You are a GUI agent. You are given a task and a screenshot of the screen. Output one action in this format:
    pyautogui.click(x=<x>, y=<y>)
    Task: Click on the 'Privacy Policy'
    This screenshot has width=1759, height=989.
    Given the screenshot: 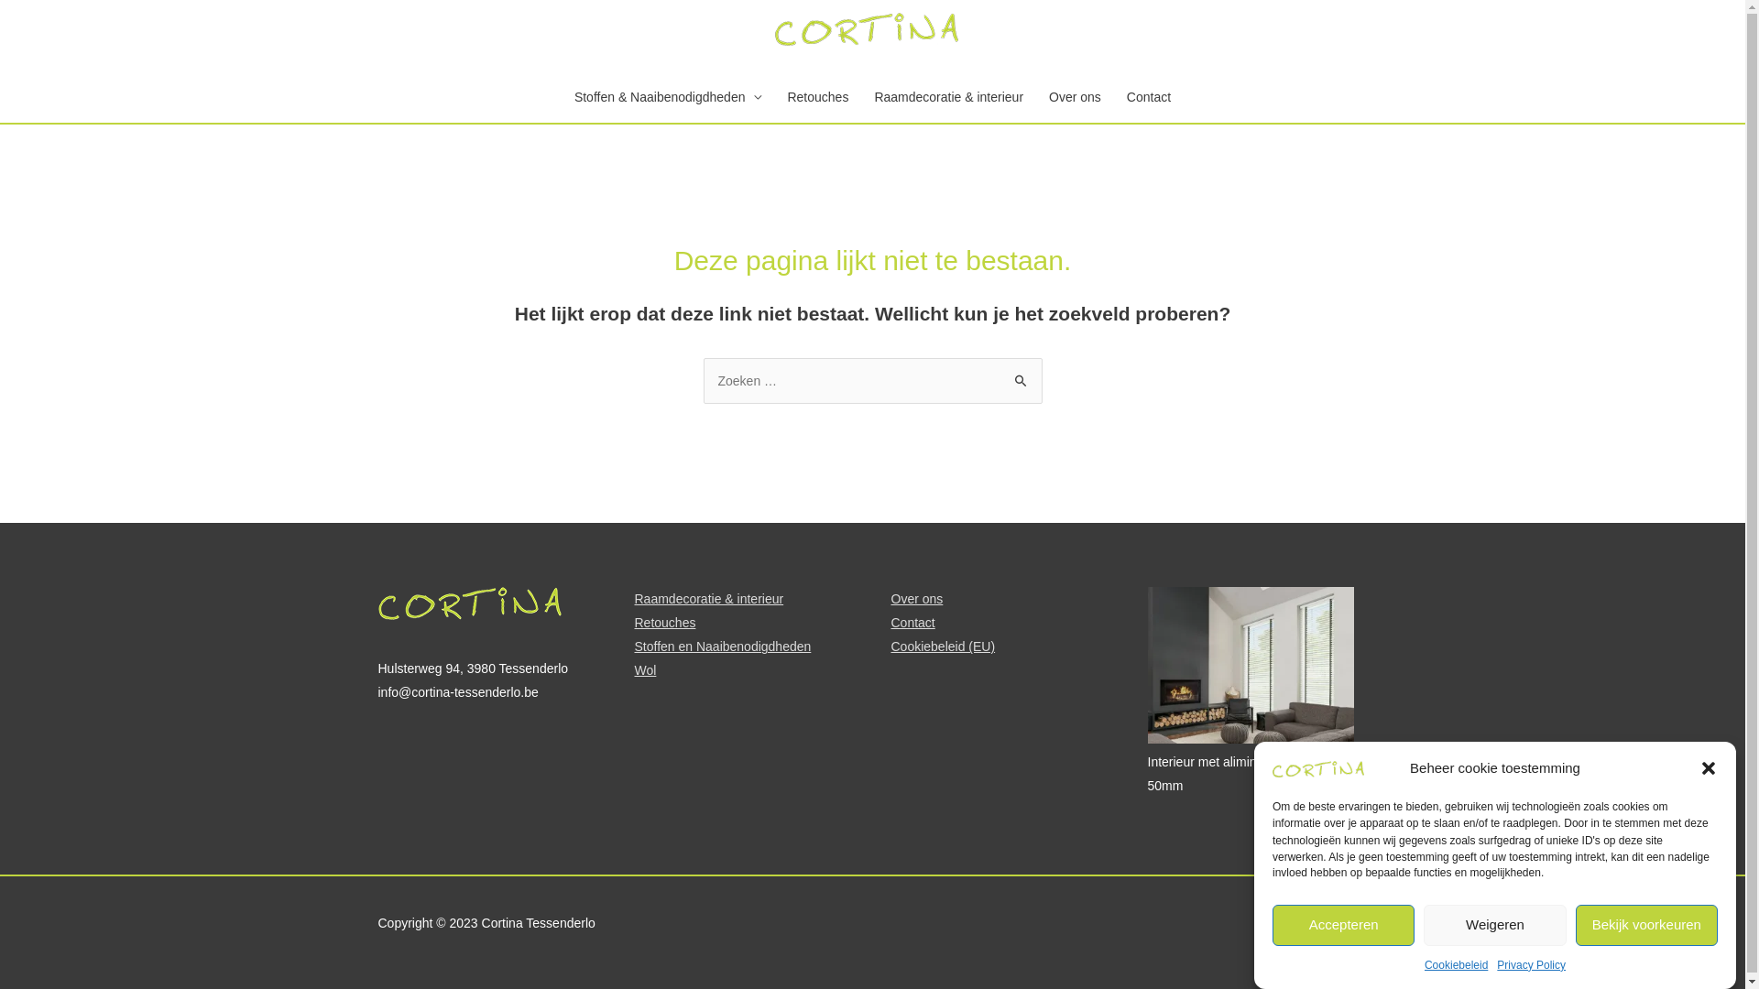 What is the action you would take?
    pyautogui.click(x=1496, y=963)
    